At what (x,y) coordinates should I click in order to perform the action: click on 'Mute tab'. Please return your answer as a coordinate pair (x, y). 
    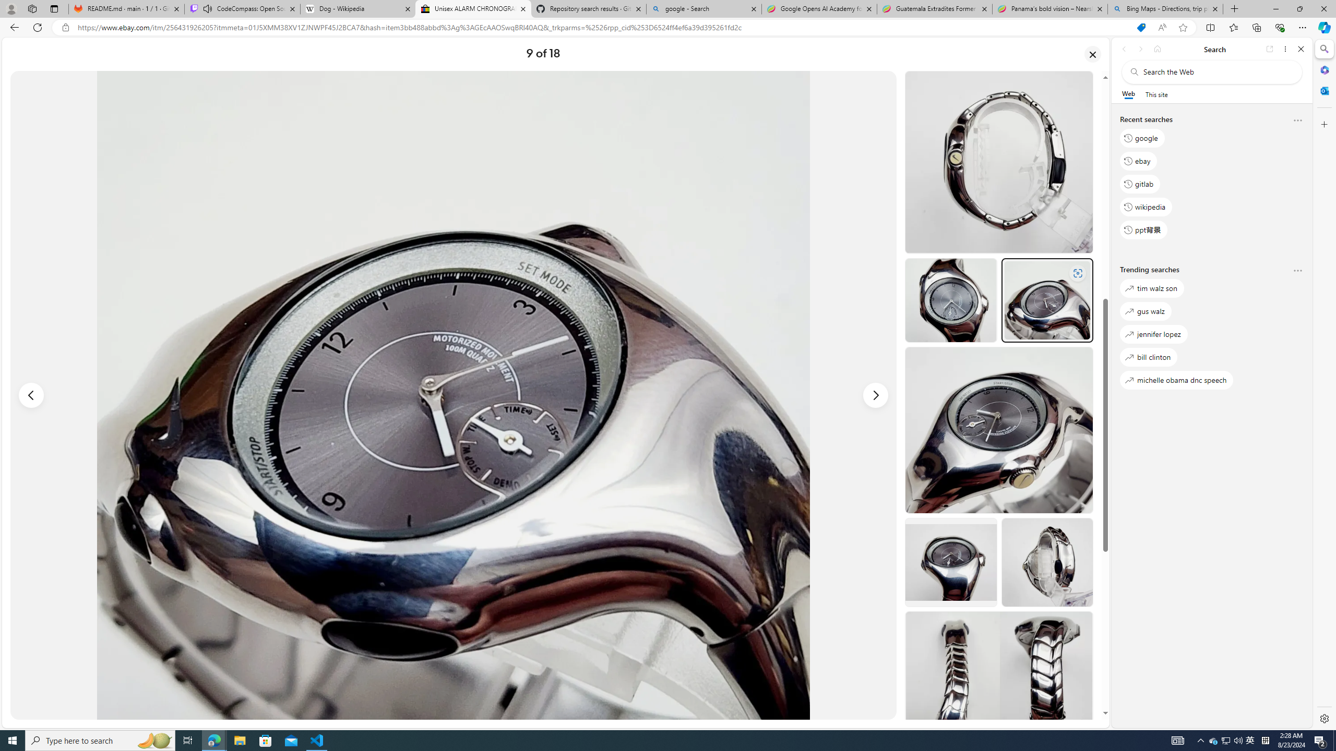
    Looking at the image, I should click on (208, 8).